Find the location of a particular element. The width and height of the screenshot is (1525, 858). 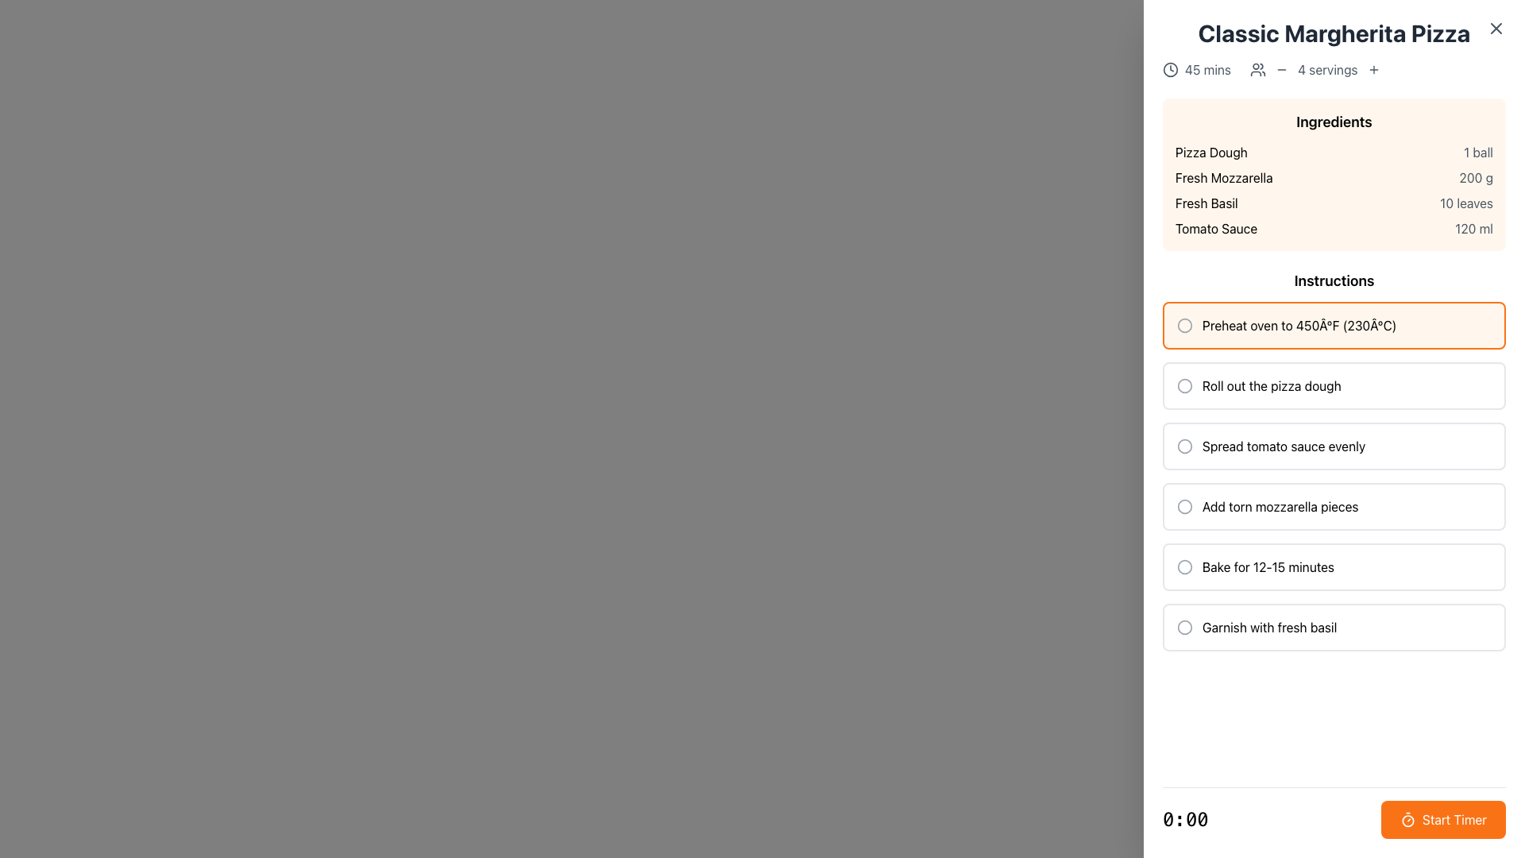

the static text label indicating the weight of 'Fresh Mozzarella' in grams, located in the top-right section of the cream-colored Ingredients panel is located at coordinates (1475, 177).